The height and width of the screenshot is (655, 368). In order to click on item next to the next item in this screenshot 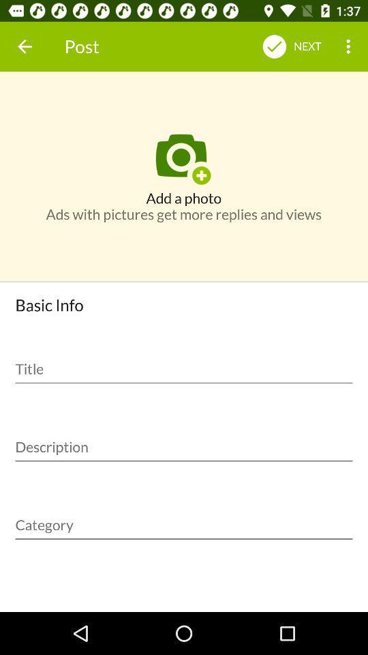, I will do `click(350, 46)`.